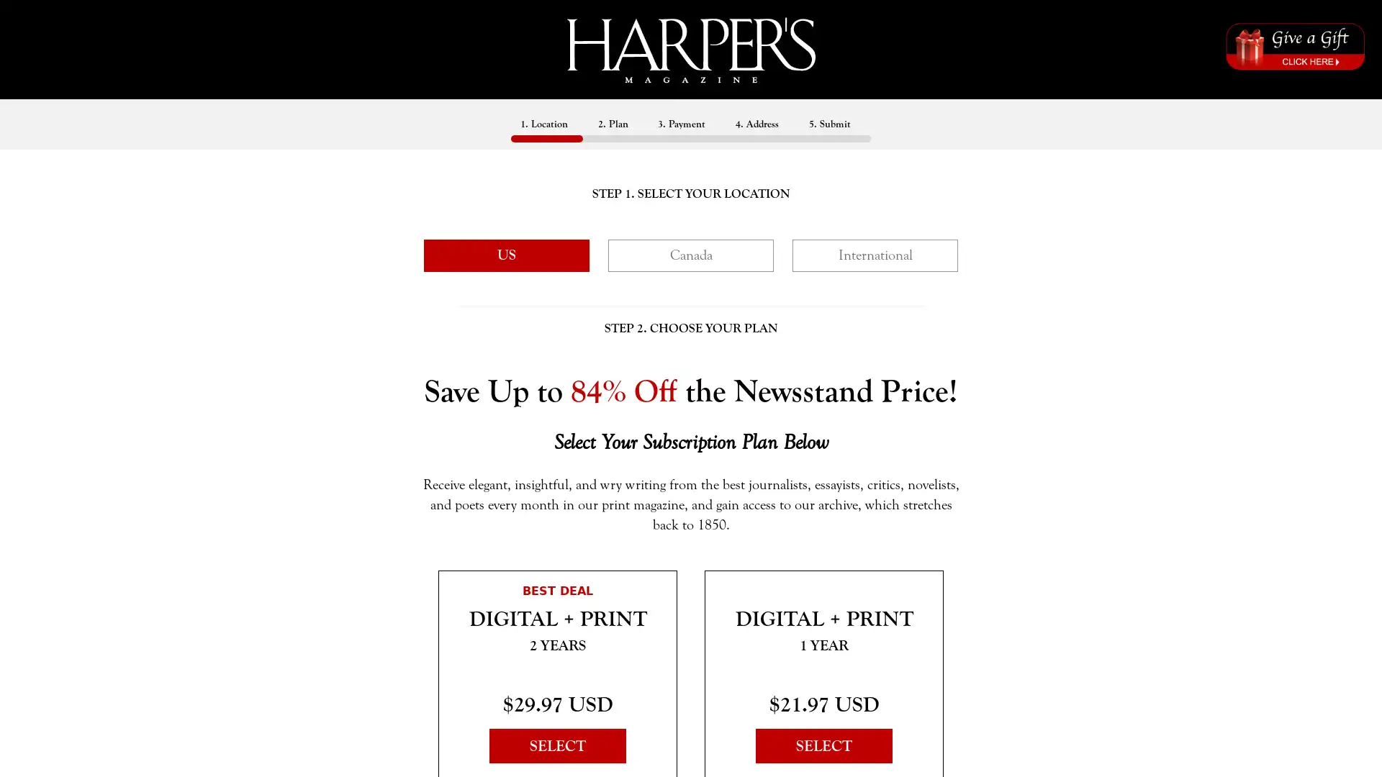  Describe the element at coordinates (507, 254) in the screenshot. I see `US` at that location.